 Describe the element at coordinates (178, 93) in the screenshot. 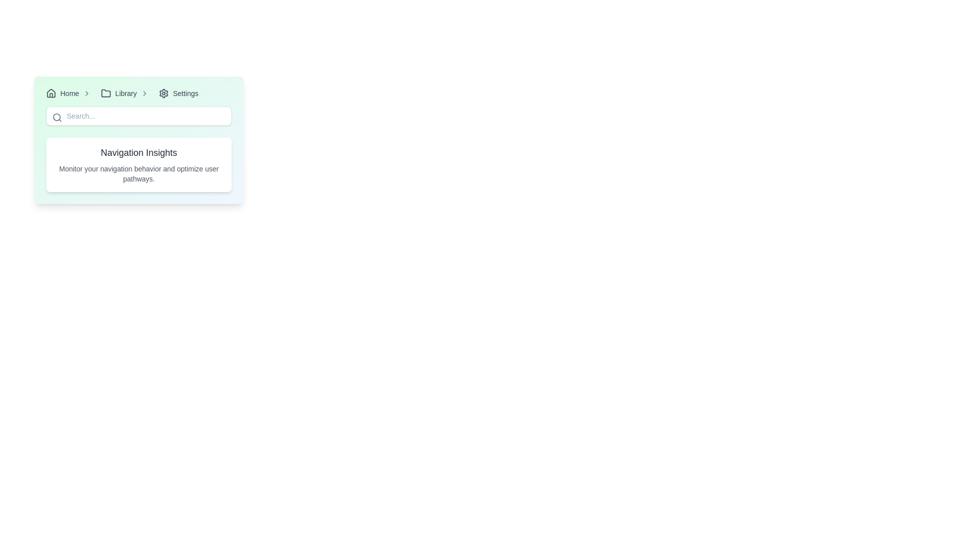

I see `the 'Settings' link with a gear icon in the navigation bar to trigger visual effects` at that location.